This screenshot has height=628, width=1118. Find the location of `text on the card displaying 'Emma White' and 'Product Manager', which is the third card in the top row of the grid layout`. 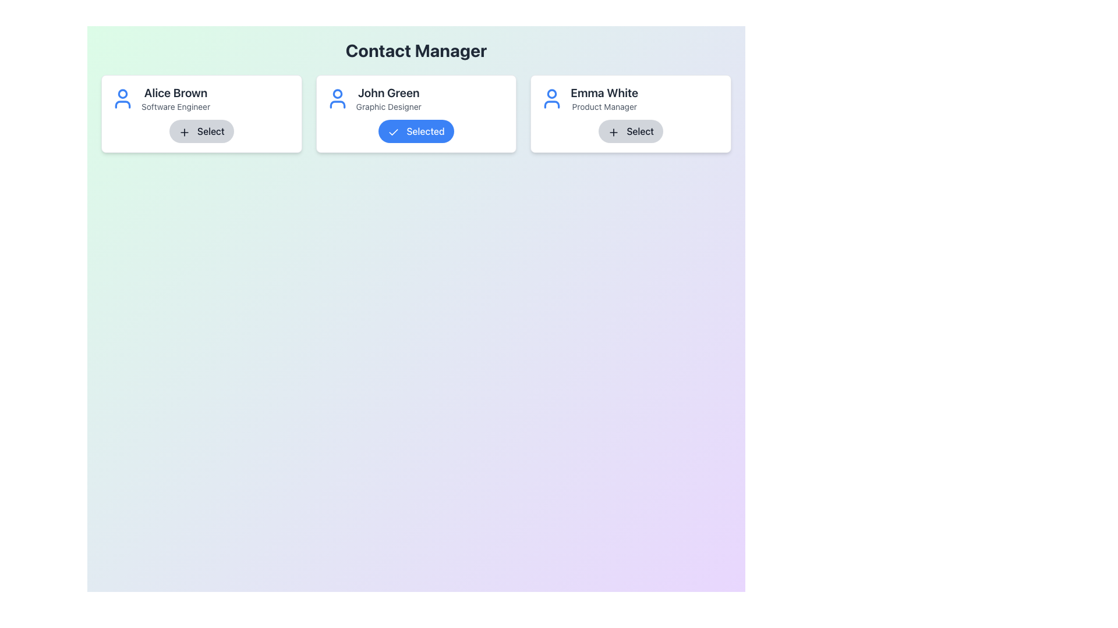

text on the card displaying 'Emma White' and 'Product Manager', which is the third card in the top row of the grid layout is located at coordinates (630, 114).